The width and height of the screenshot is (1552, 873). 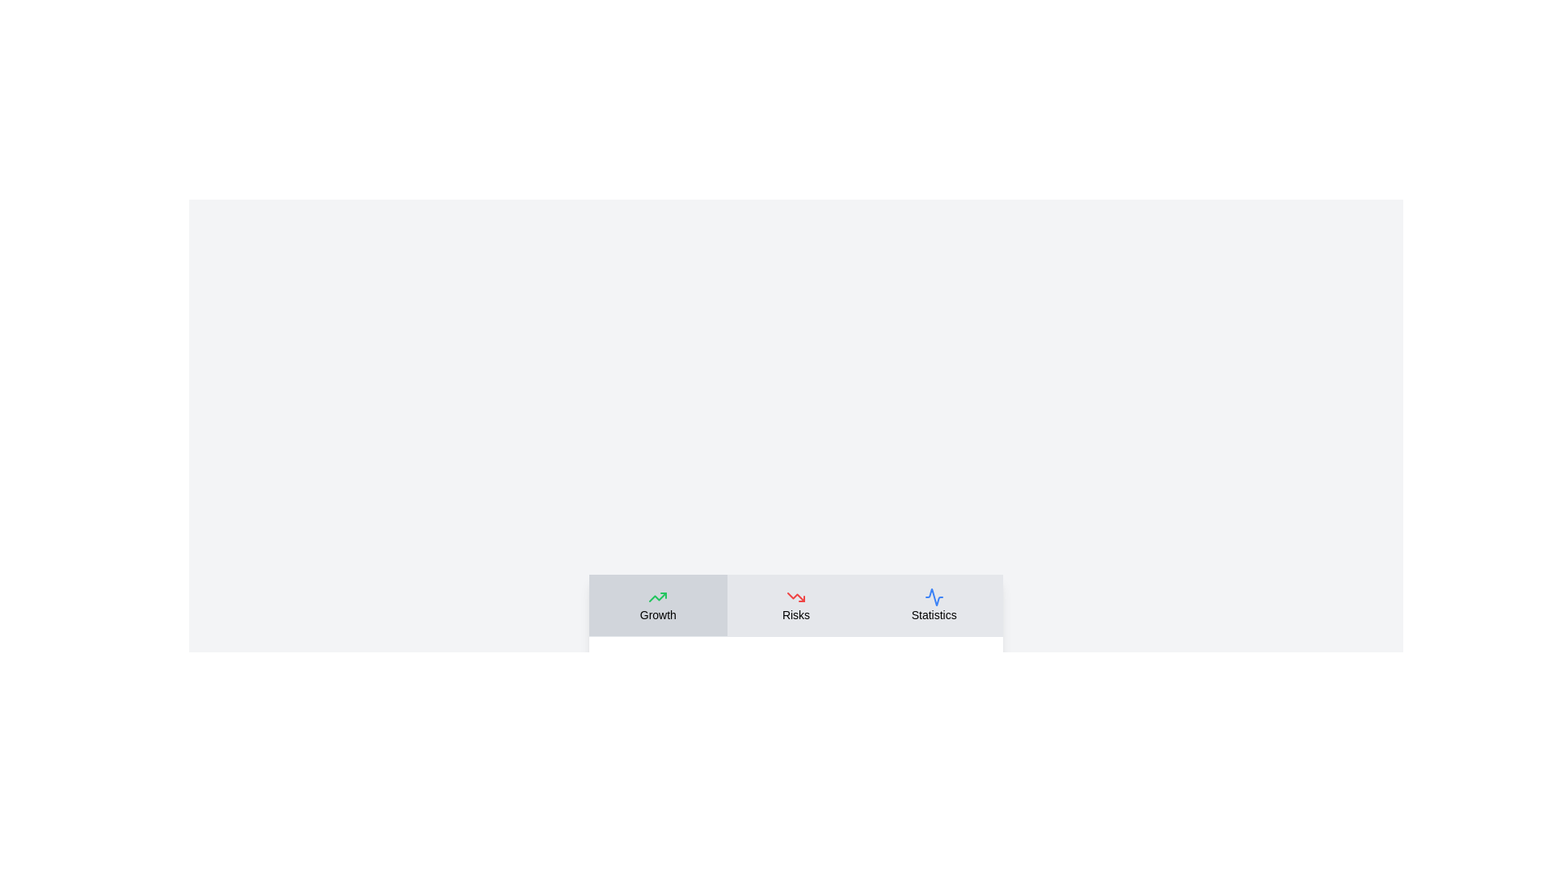 I want to click on the tab labeled Statistics to observe its visual change, so click(x=934, y=605).